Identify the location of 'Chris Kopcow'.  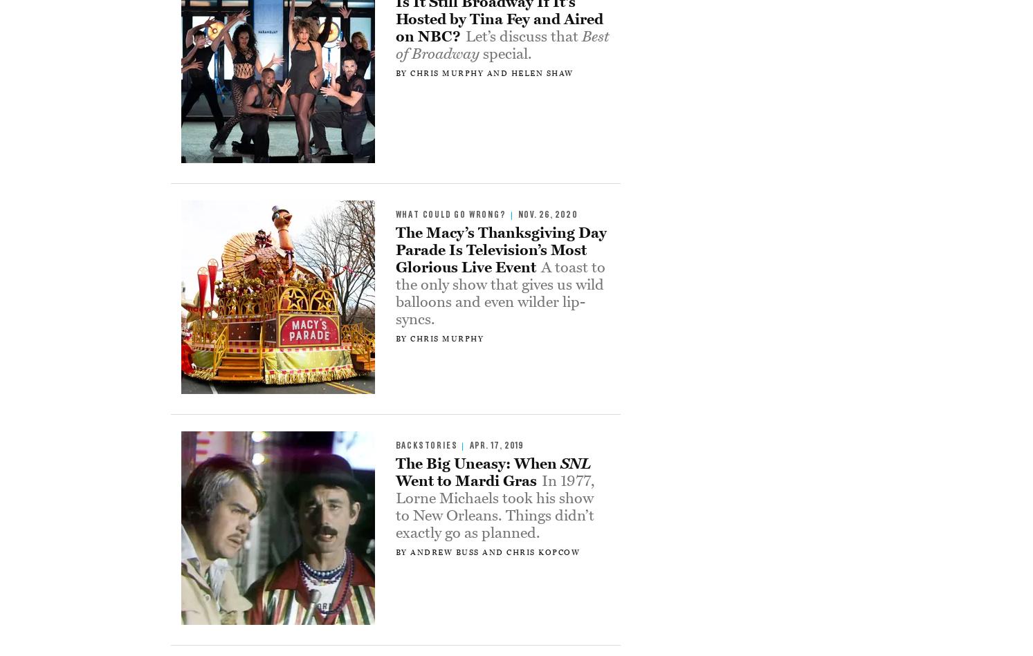
(543, 551).